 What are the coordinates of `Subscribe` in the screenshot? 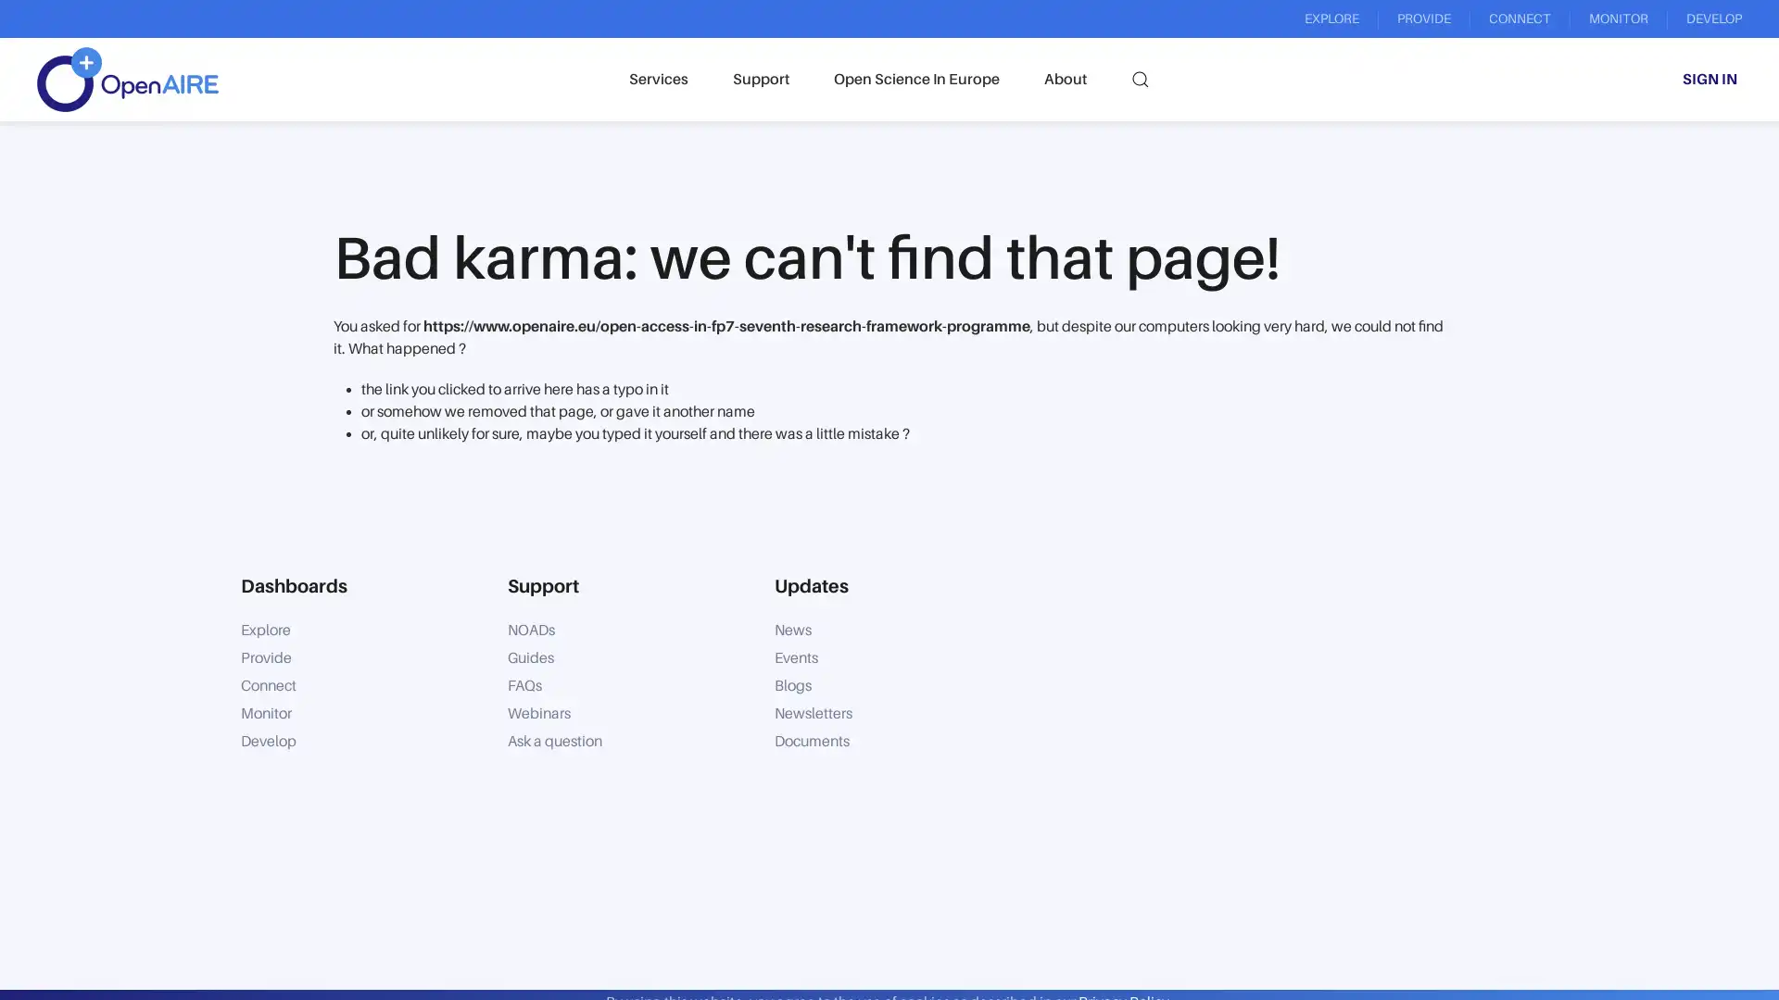 It's located at (1103, 909).